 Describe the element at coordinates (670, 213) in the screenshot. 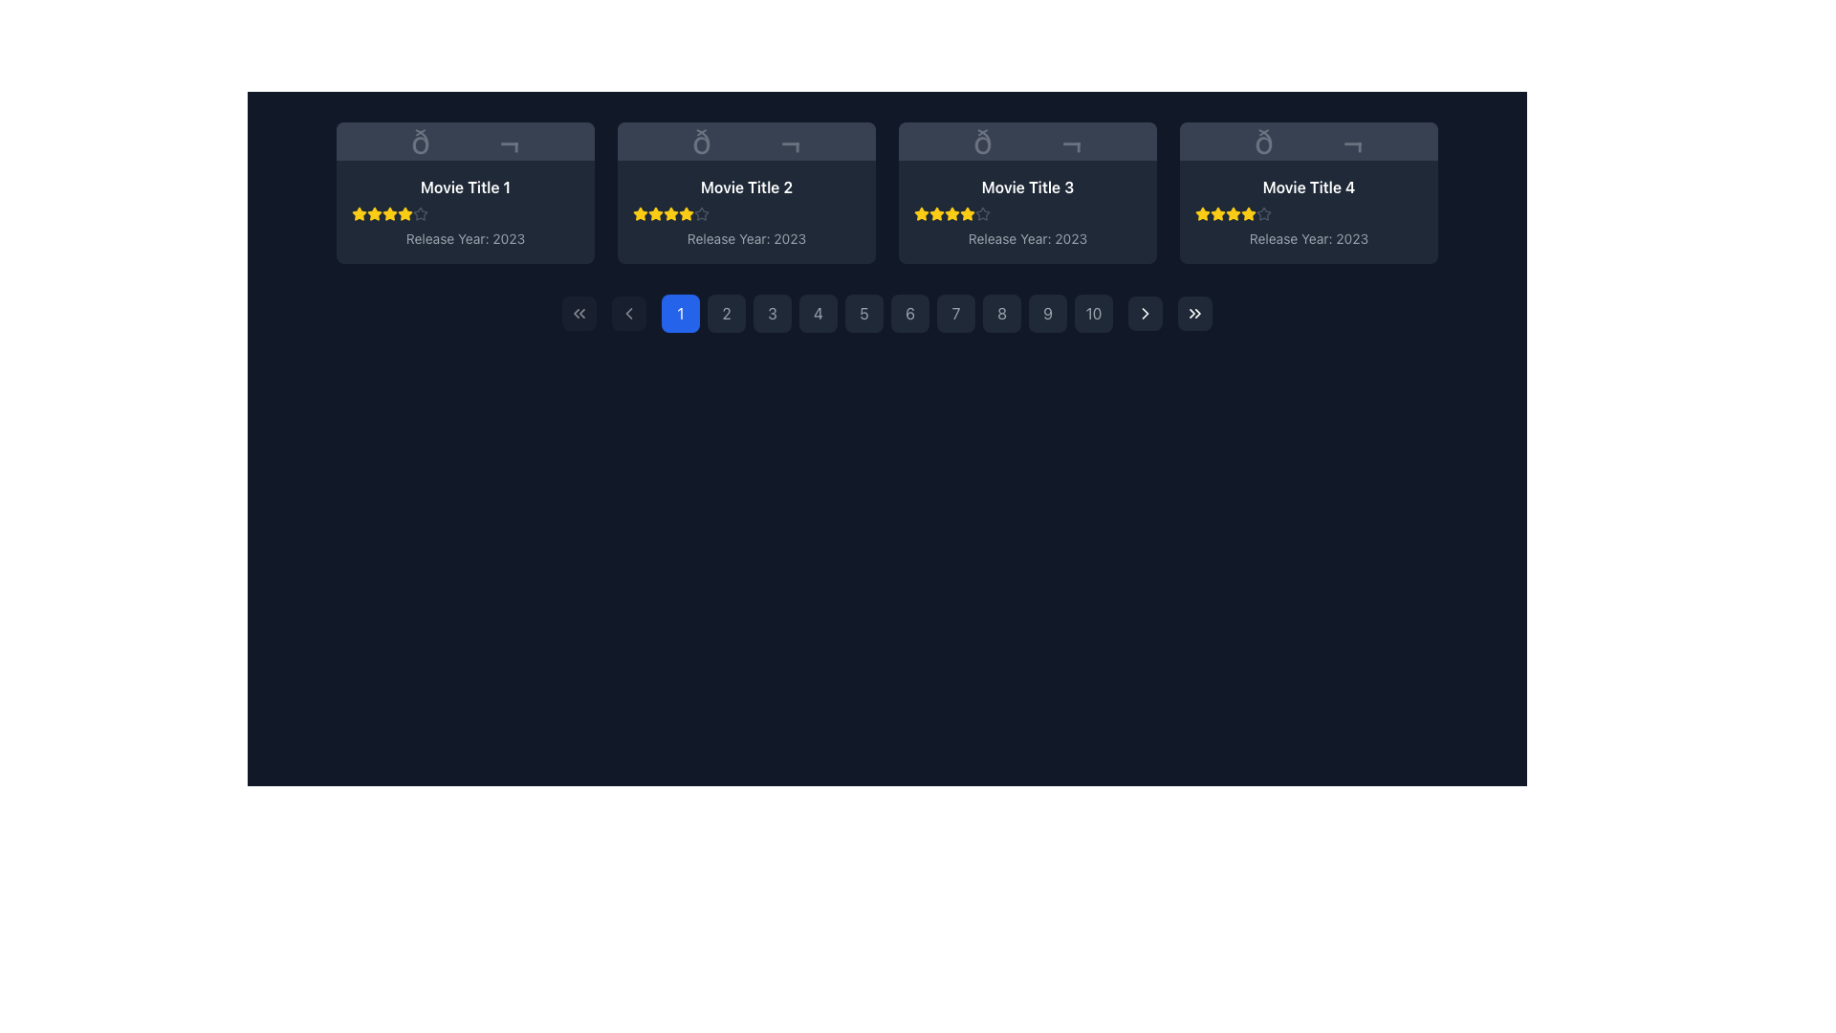

I see `the third yellow star glyph in the rating system under the card titled 'Movie Title 2'` at that location.